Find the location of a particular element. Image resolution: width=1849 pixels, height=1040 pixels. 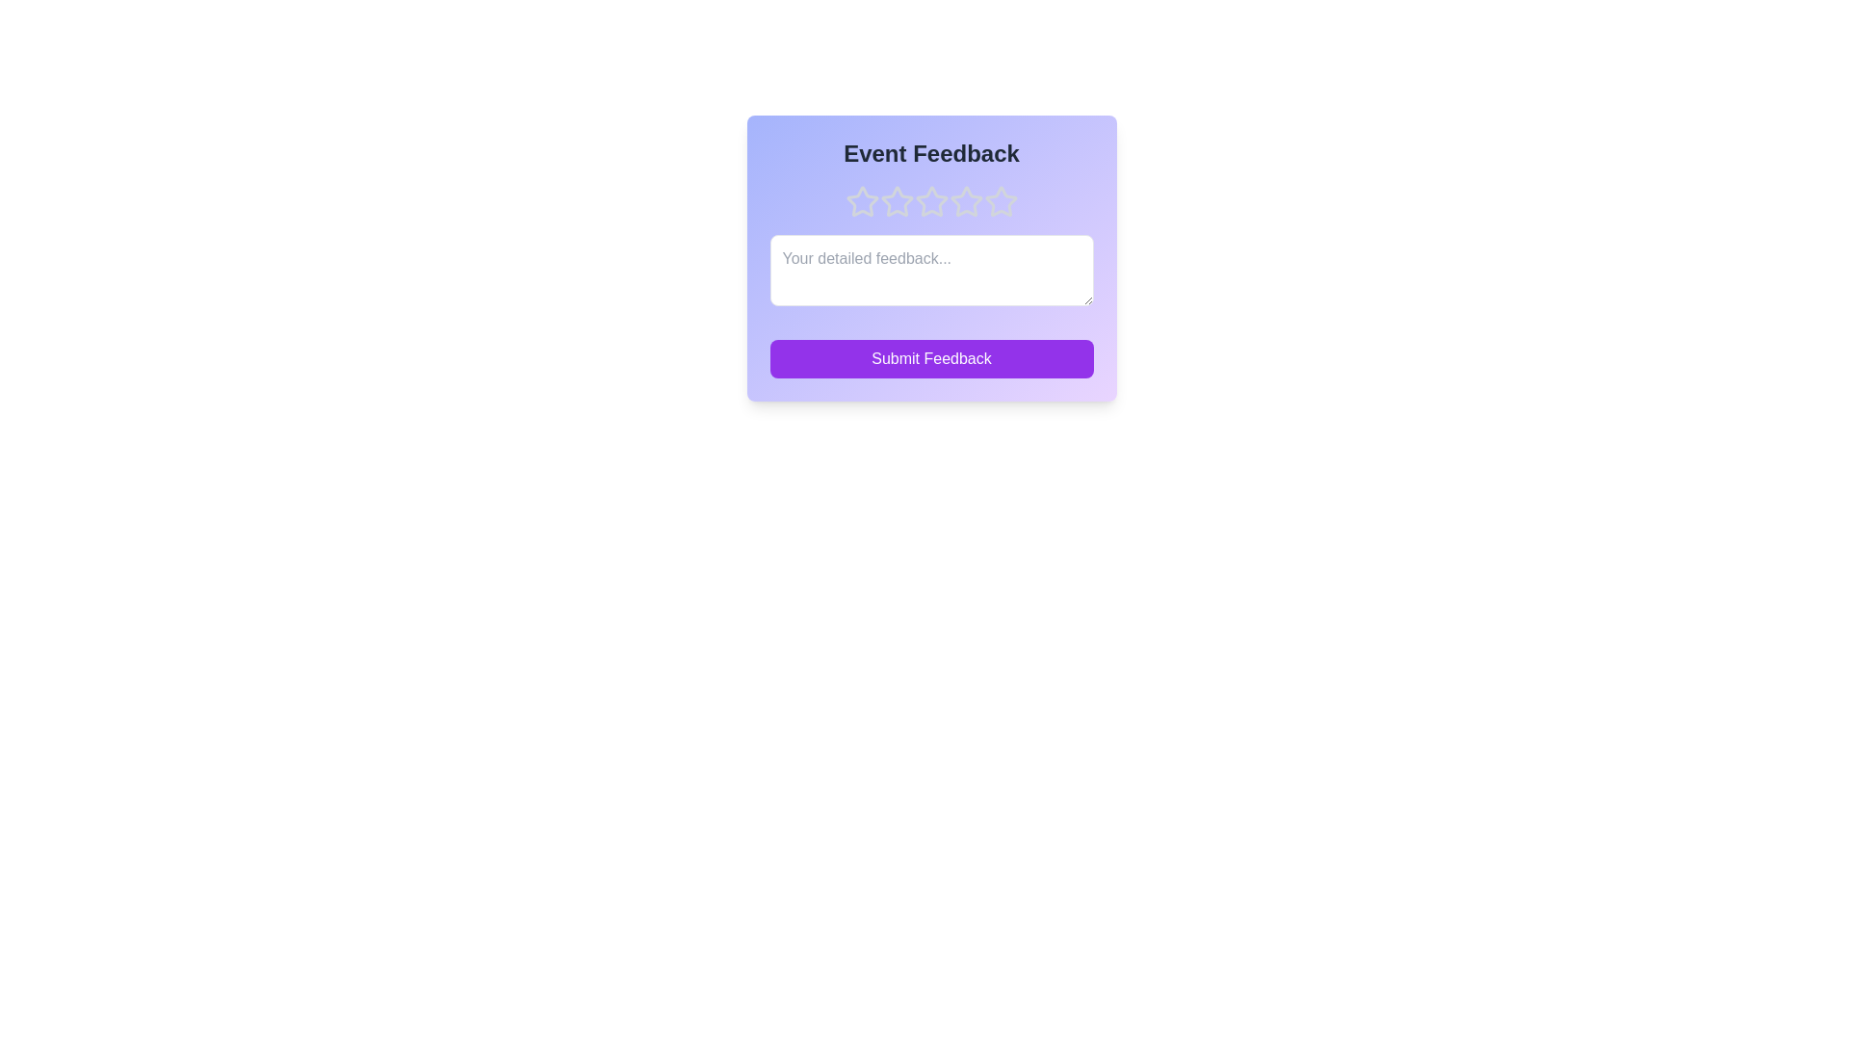

the 'Submit Feedback' button to submit the feedback is located at coordinates (931, 359).